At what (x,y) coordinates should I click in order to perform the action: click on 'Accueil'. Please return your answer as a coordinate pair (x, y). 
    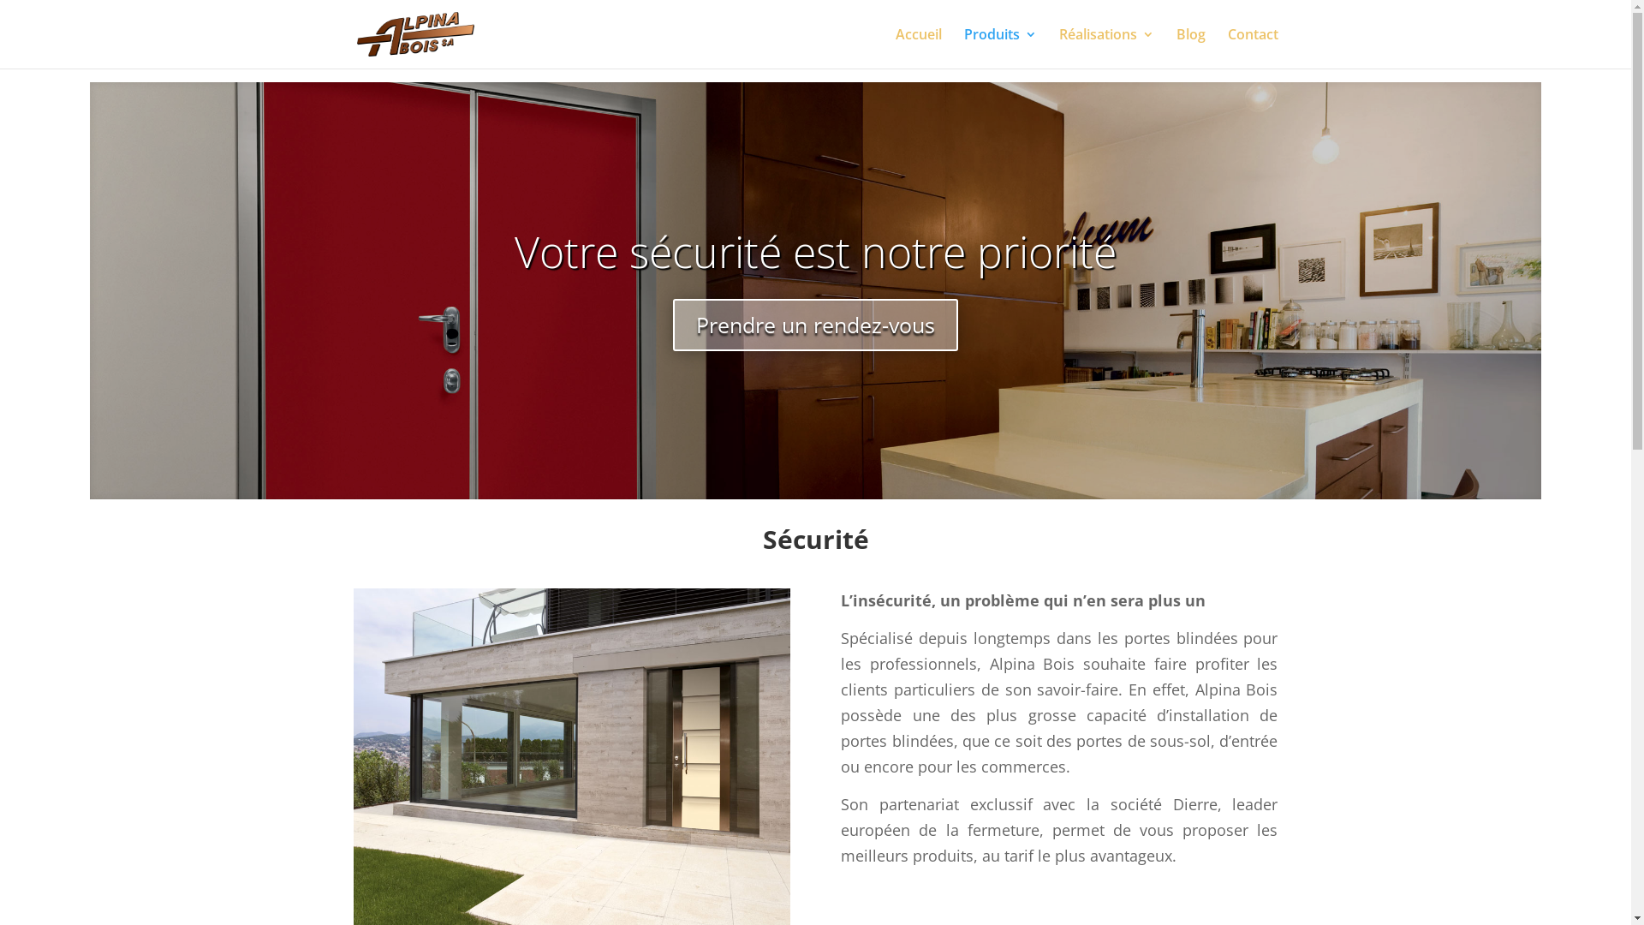
    Looking at the image, I should click on (918, 47).